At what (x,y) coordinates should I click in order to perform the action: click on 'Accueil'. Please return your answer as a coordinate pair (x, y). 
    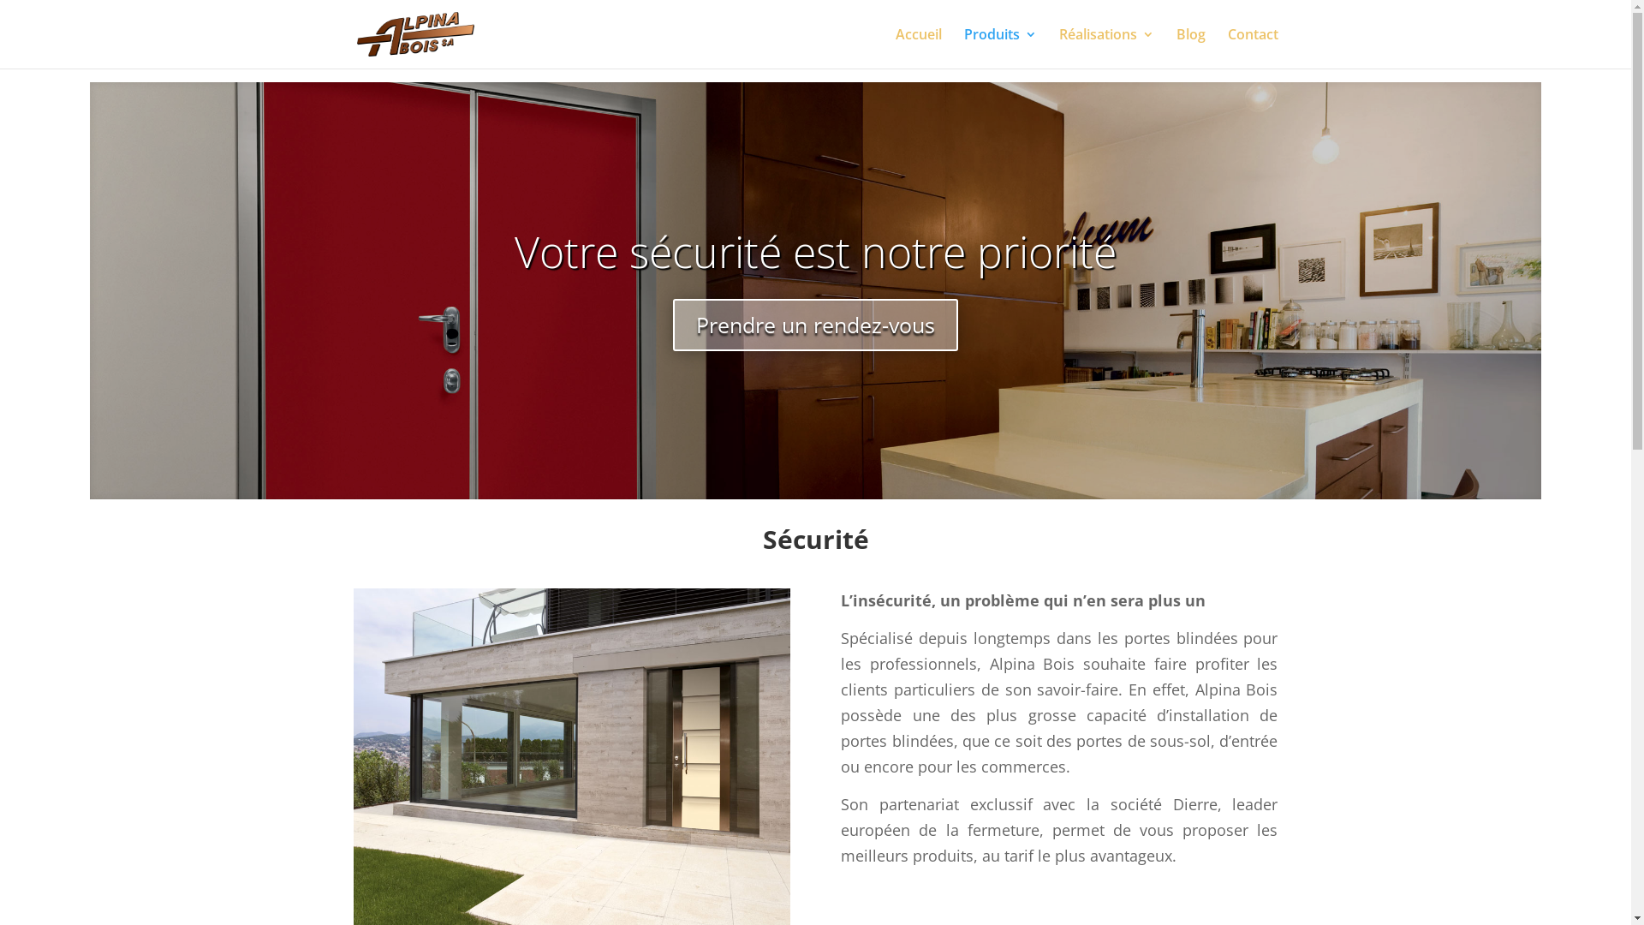
    Looking at the image, I should click on (918, 47).